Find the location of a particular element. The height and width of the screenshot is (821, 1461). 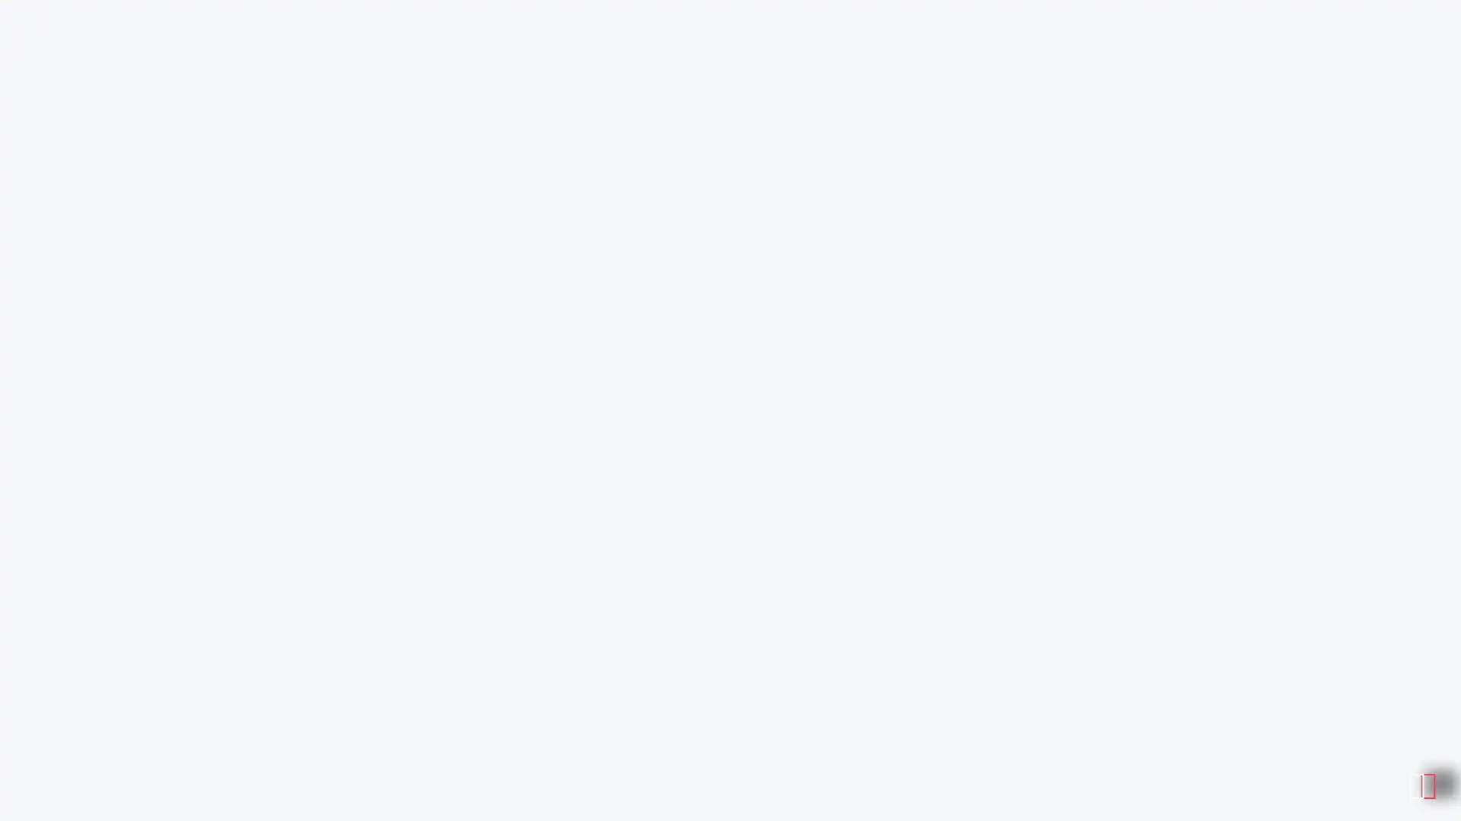

Open is located at coordinates (1415, 780).